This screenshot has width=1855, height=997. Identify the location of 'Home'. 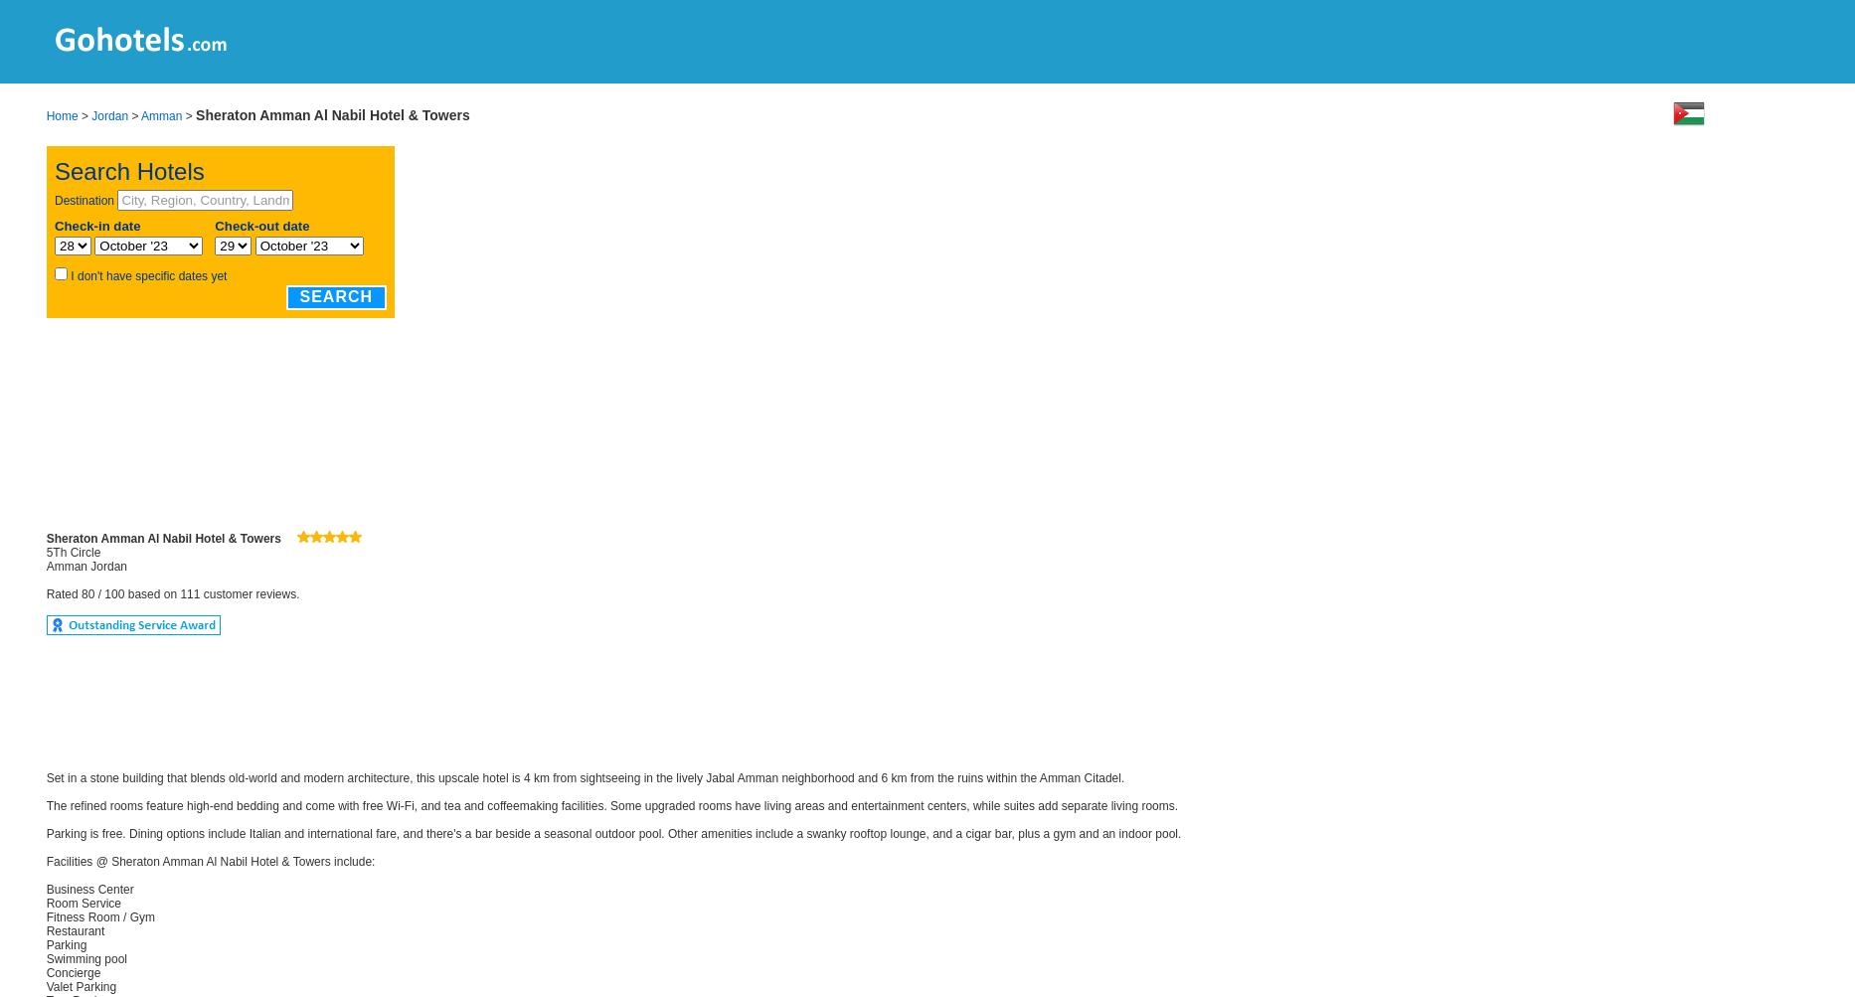
(61, 114).